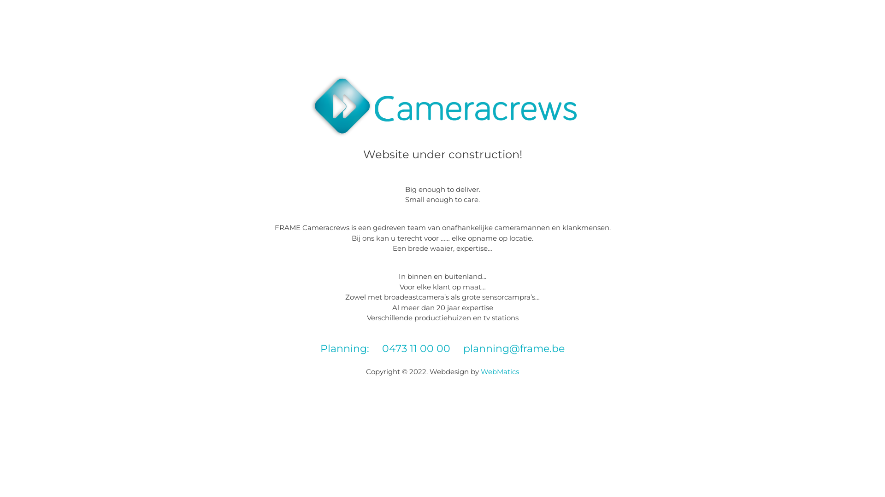 Image resolution: width=885 pixels, height=497 pixels. Describe the element at coordinates (499, 371) in the screenshot. I see `'WebMatics'` at that location.